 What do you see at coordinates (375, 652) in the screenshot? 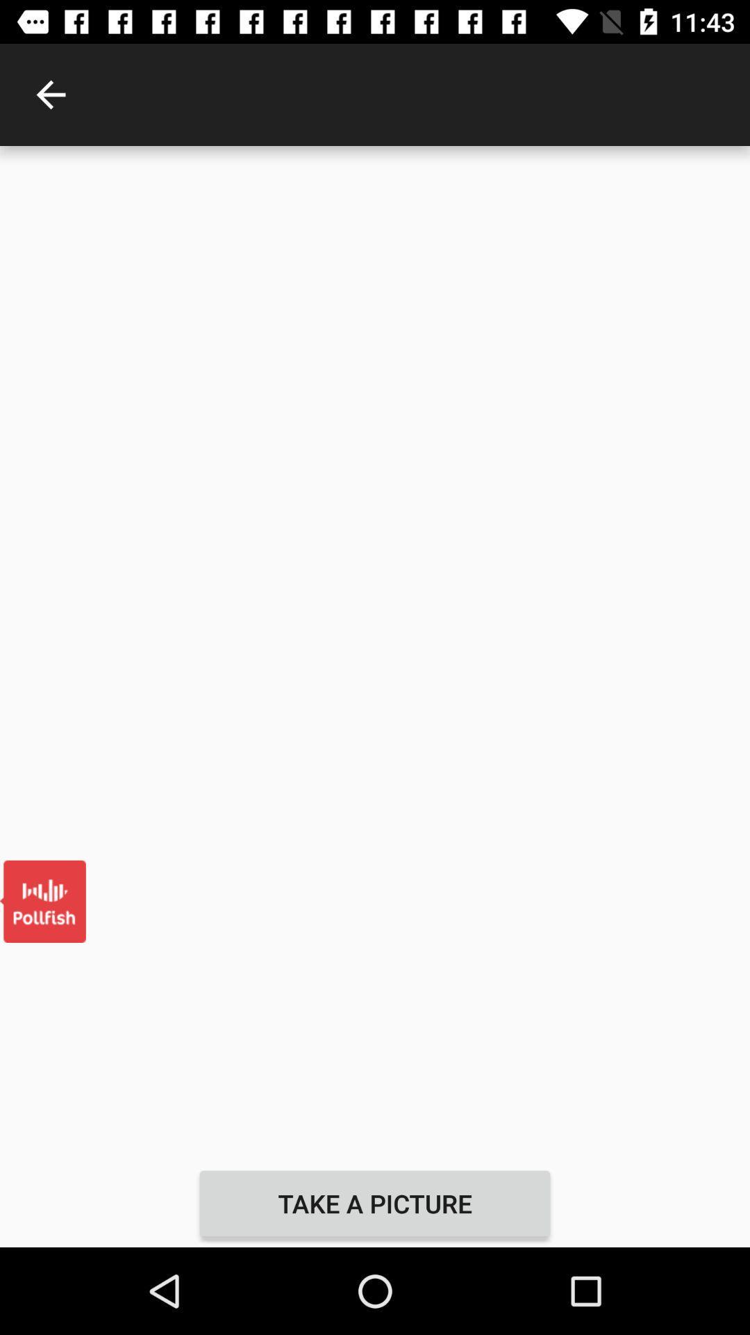
I see `icon above take a picture icon` at bounding box center [375, 652].